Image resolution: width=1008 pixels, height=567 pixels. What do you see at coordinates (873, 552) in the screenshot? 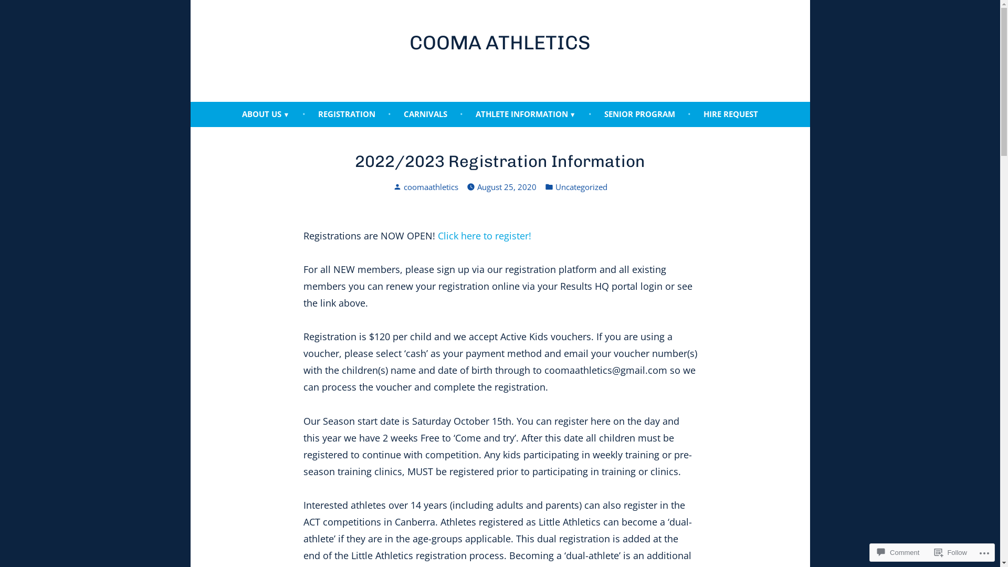
I see `'Comment'` at bounding box center [873, 552].